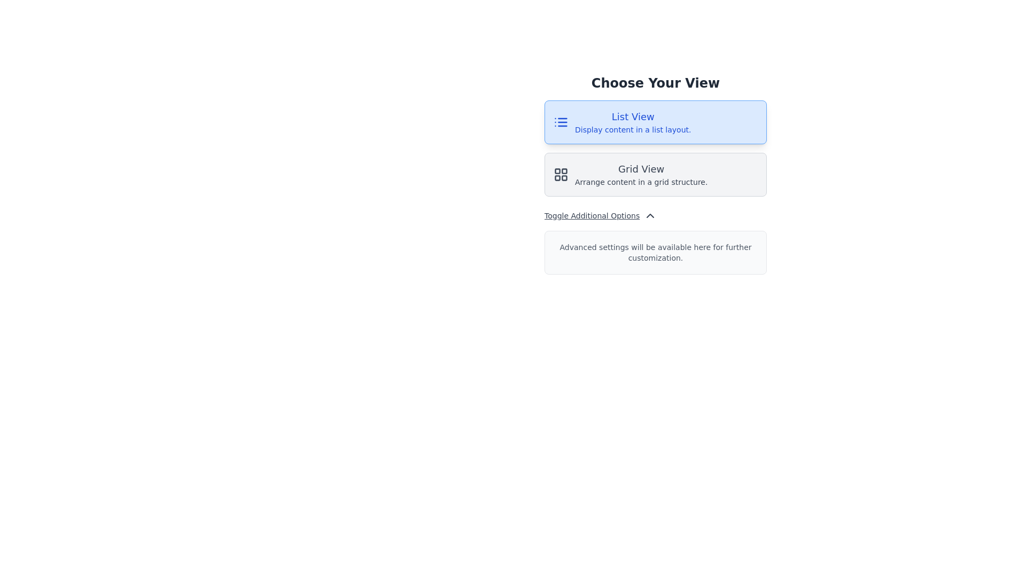 This screenshot has width=1026, height=577. What do you see at coordinates (655, 174) in the screenshot?
I see `the second selectable button in the 'Choose Your View' section` at bounding box center [655, 174].